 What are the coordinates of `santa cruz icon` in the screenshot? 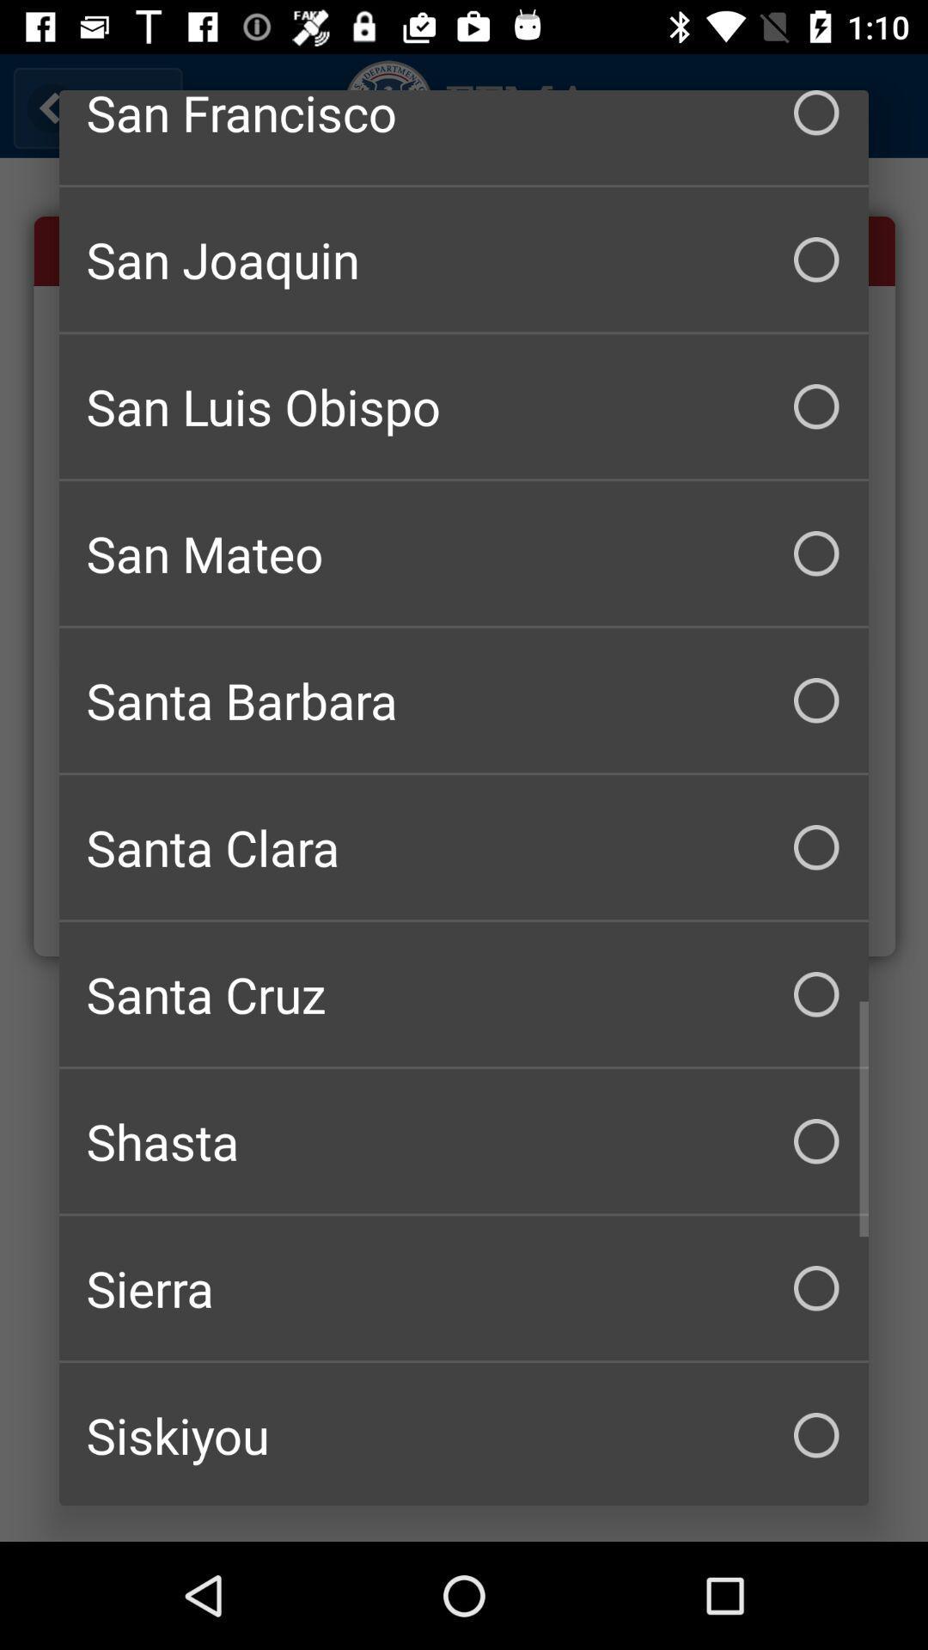 It's located at (464, 994).